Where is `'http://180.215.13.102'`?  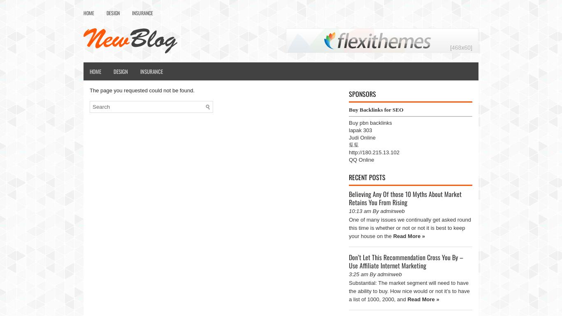 'http://180.215.13.102' is located at coordinates (373, 152).